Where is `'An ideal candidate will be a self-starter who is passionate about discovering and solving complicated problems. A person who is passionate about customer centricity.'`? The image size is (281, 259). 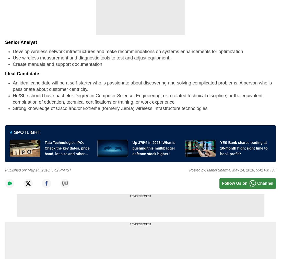 'An ideal candidate will be a self-starter who is passionate about discovering and solving complicated problems. A person who is passionate about customer centricity.' is located at coordinates (142, 85).